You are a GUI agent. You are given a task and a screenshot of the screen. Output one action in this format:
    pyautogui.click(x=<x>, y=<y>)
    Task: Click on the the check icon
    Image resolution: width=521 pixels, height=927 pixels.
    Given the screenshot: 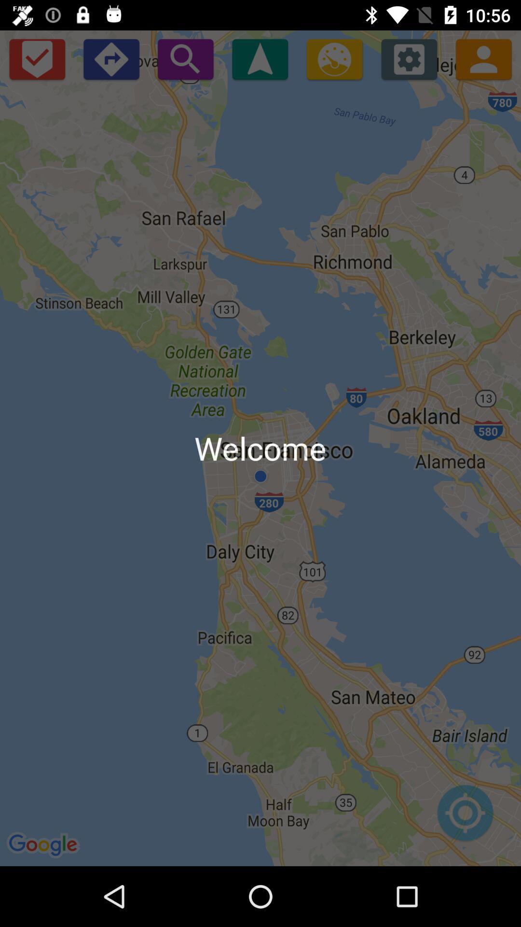 What is the action you would take?
    pyautogui.click(x=36, y=58)
    